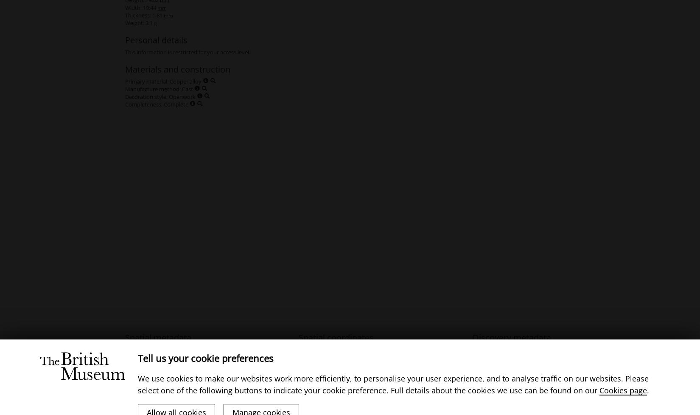 The width and height of the screenshot is (700, 415). I want to click on '(European Region)', so click(204, 349).